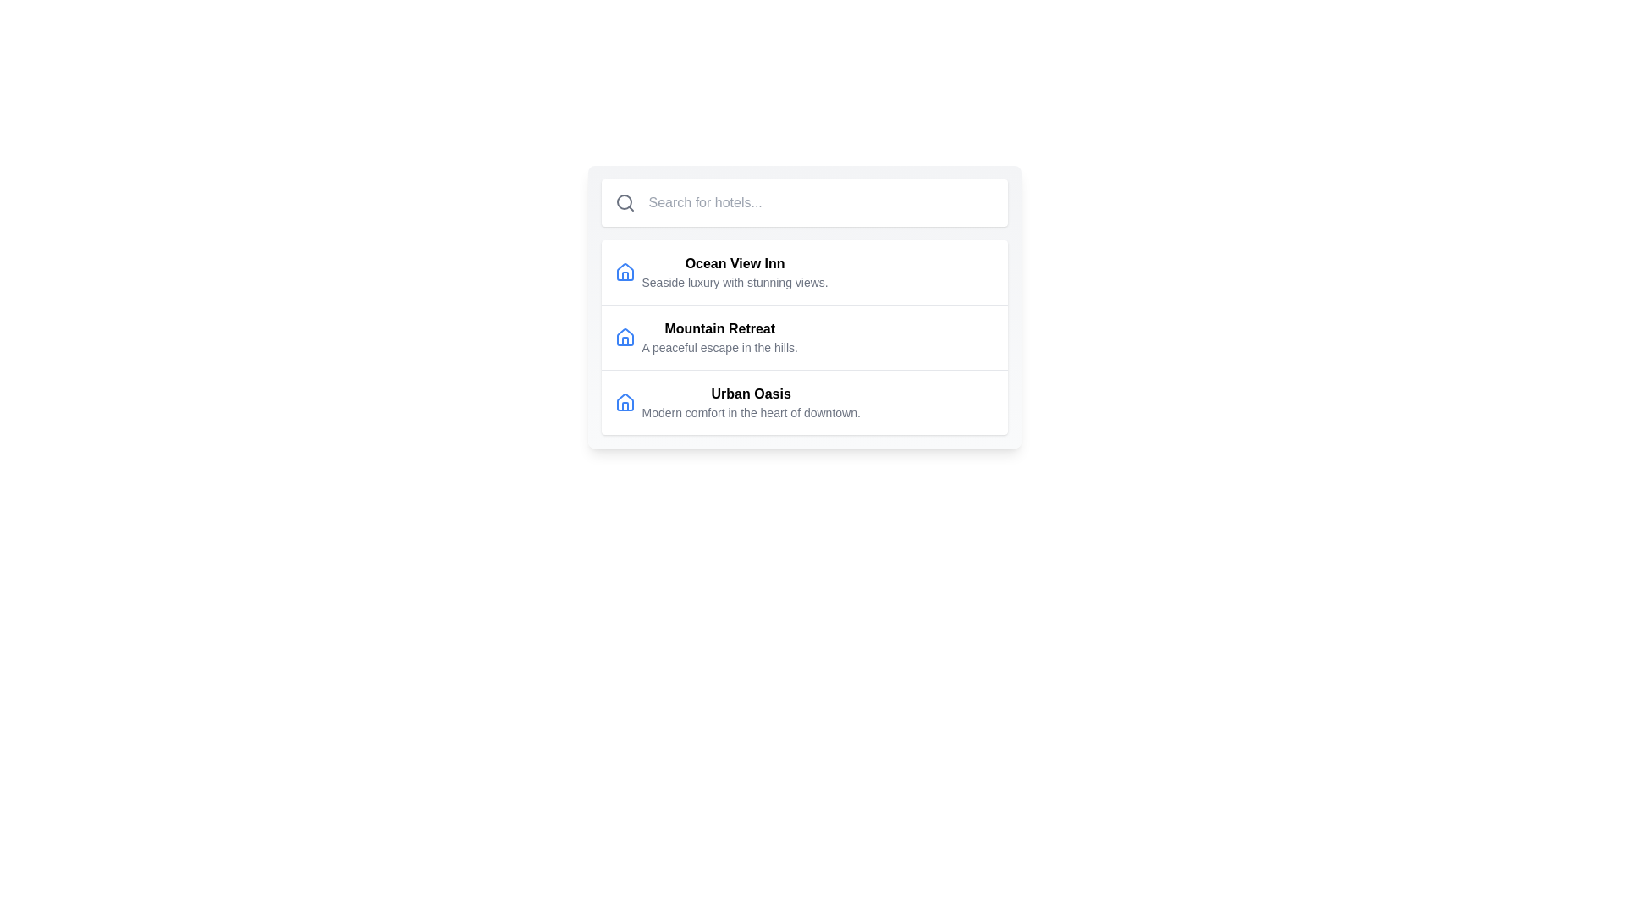 Image resolution: width=1625 pixels, height=914 pixels. What do you see at coordinates (750, 413) in the screenshot?
I see `descriptive text located immediately below the title 'Urban Oasis' in the main content area of the interface` at bounding box center [750, 413].